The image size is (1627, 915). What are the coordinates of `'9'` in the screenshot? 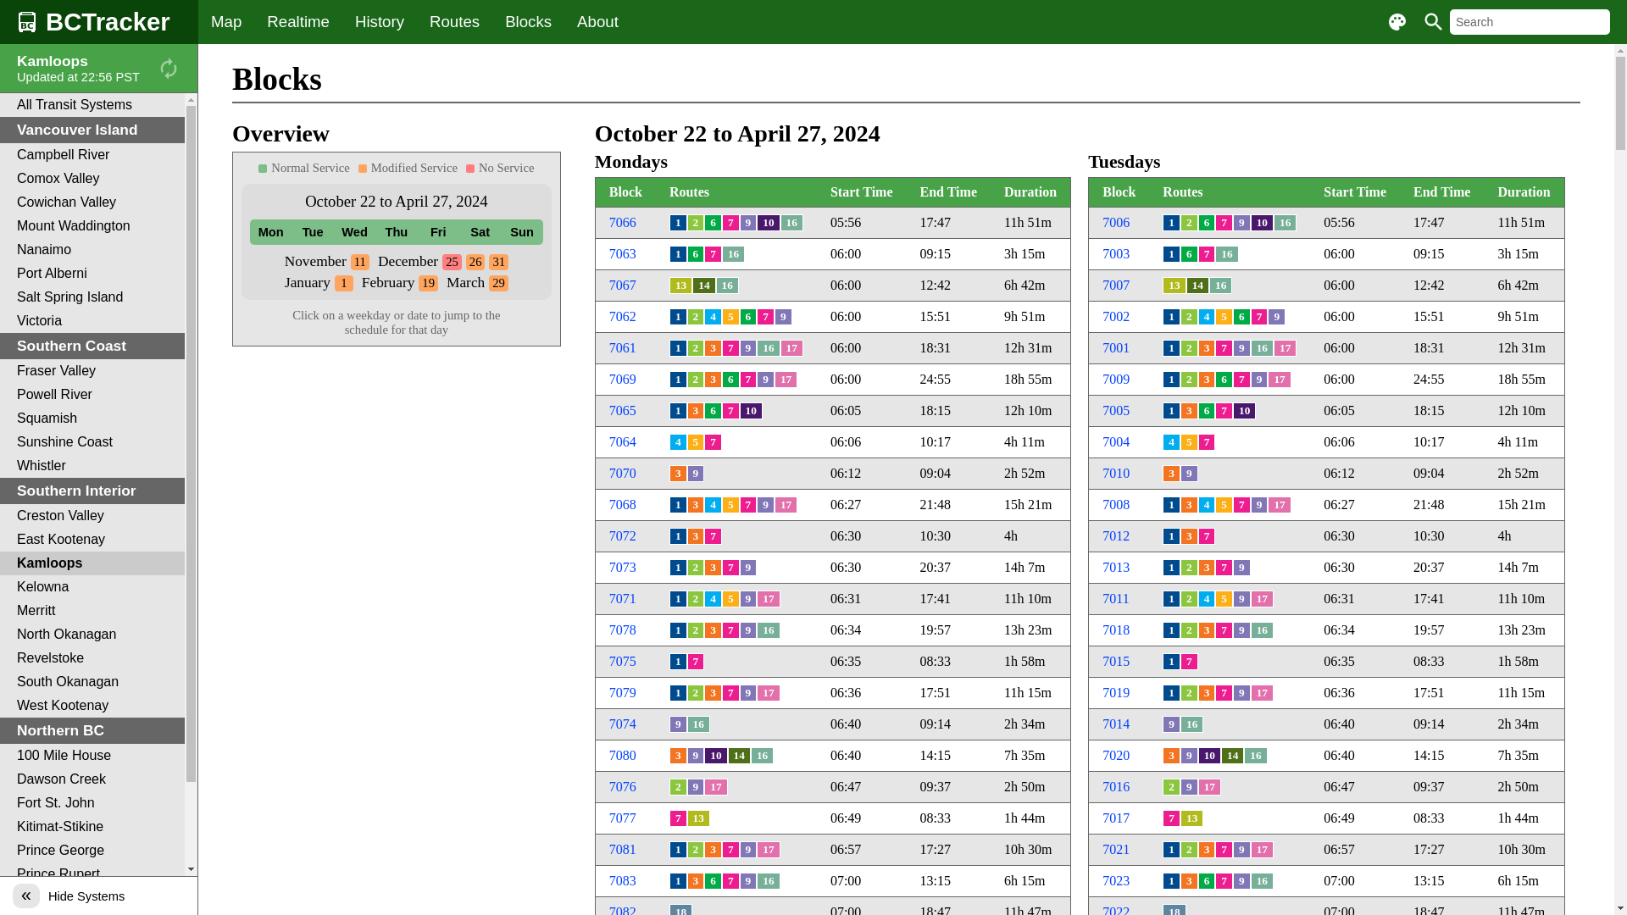 It's located at (1241, 347).